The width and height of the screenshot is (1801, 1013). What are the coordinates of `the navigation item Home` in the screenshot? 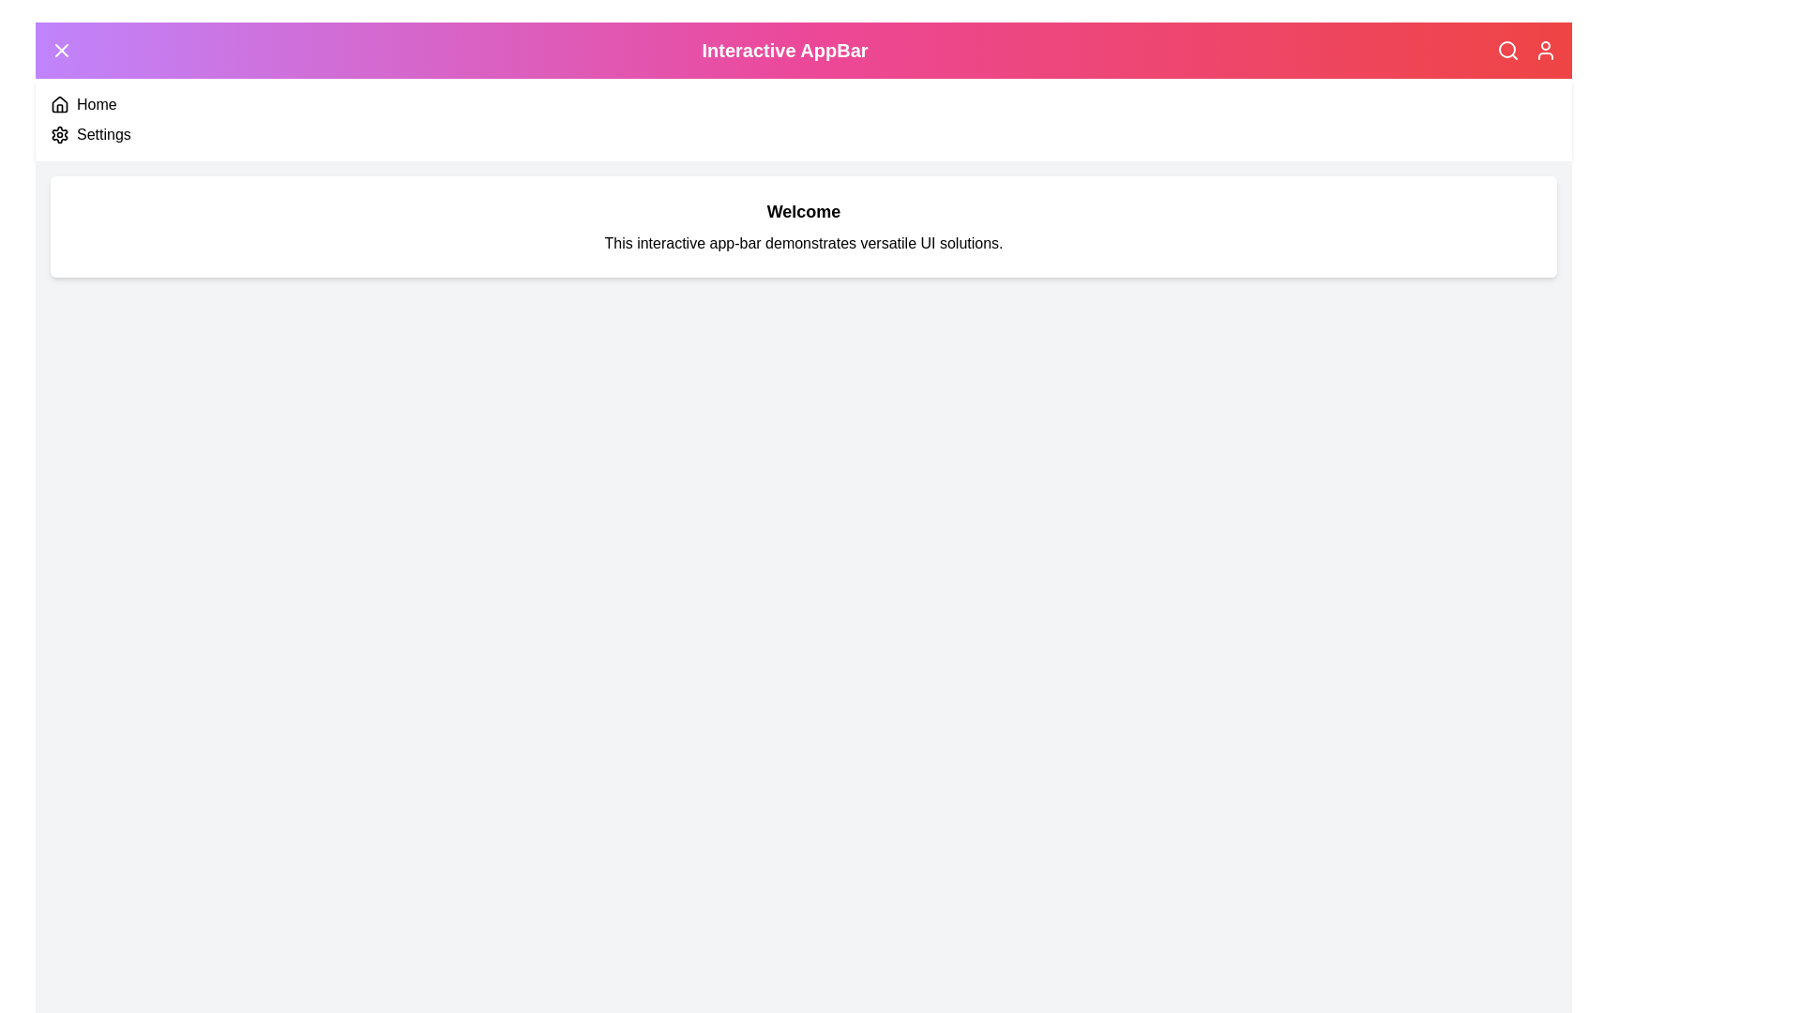 It's located at (59, 104).